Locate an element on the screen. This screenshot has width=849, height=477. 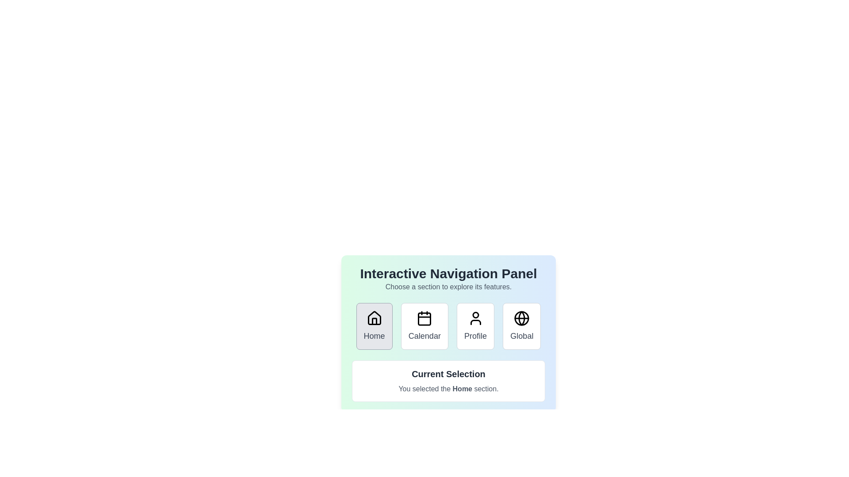
the informational panel that updates users about the current selected section, specifically the 'Home' section, located within the 'Interactive Navigation Panel' is located at coordinates (448, 381).